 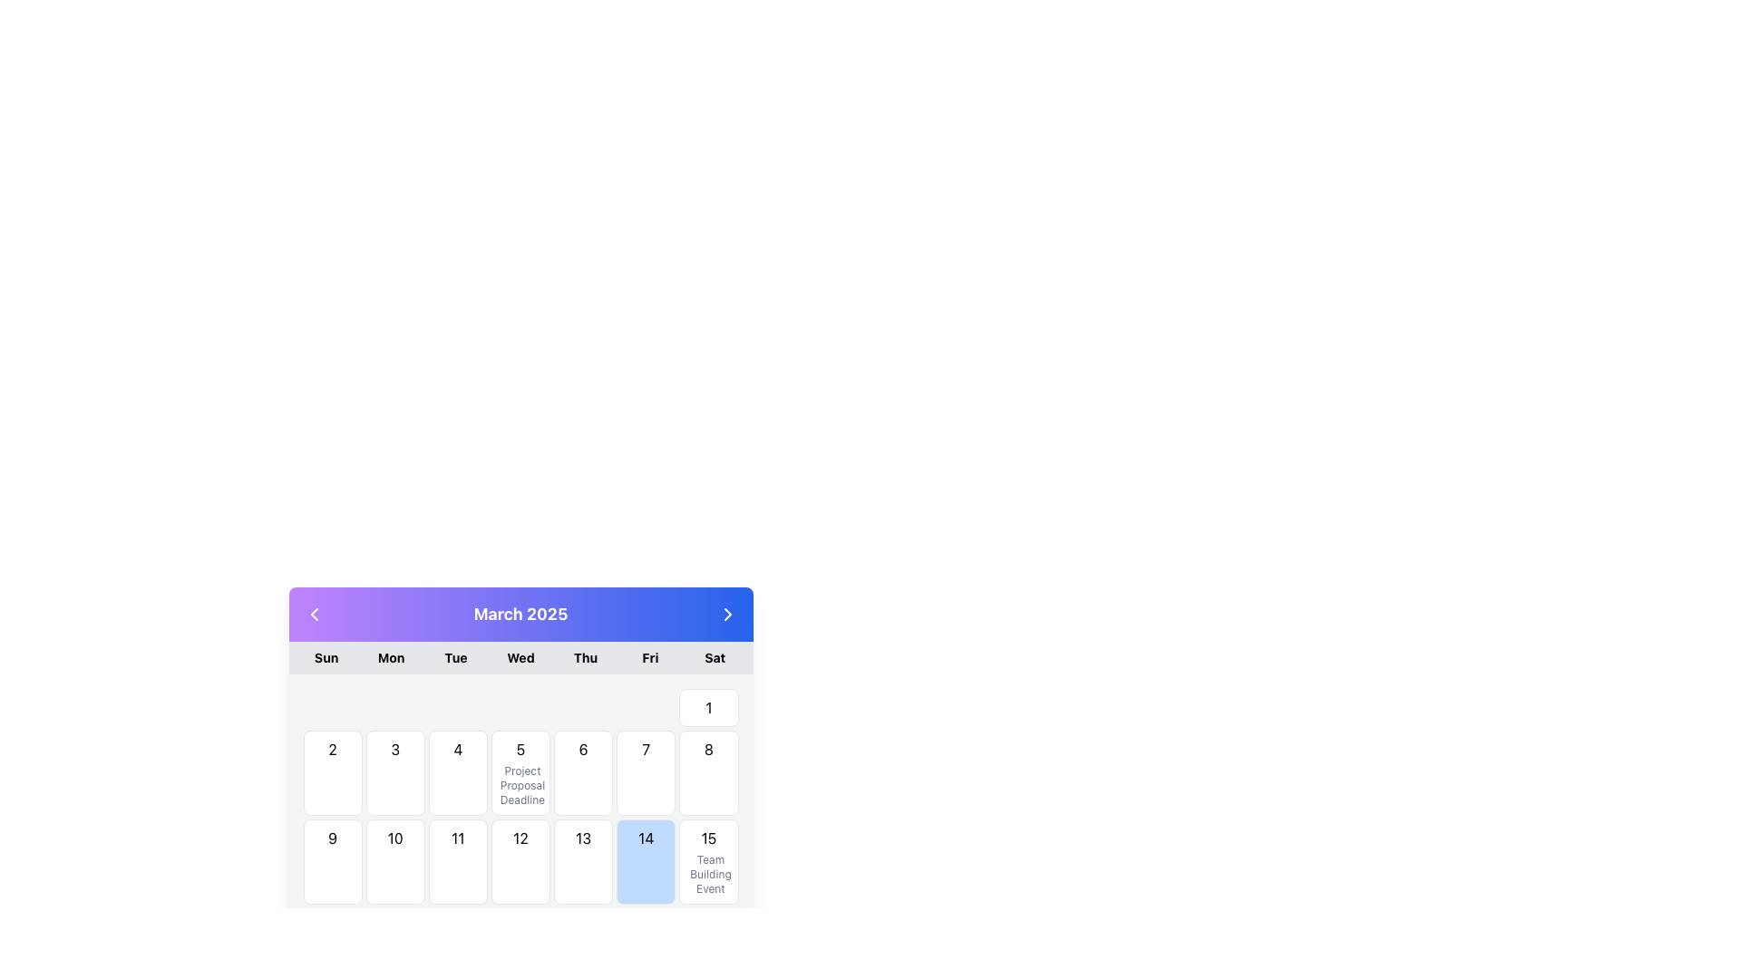 What do you see at coordinates (714, 657) in the screenshot?
I see `the Text Label indicating the Saturday column in the calendar grid, which is the last item in the row of day names` at bounding box center [714, 657].